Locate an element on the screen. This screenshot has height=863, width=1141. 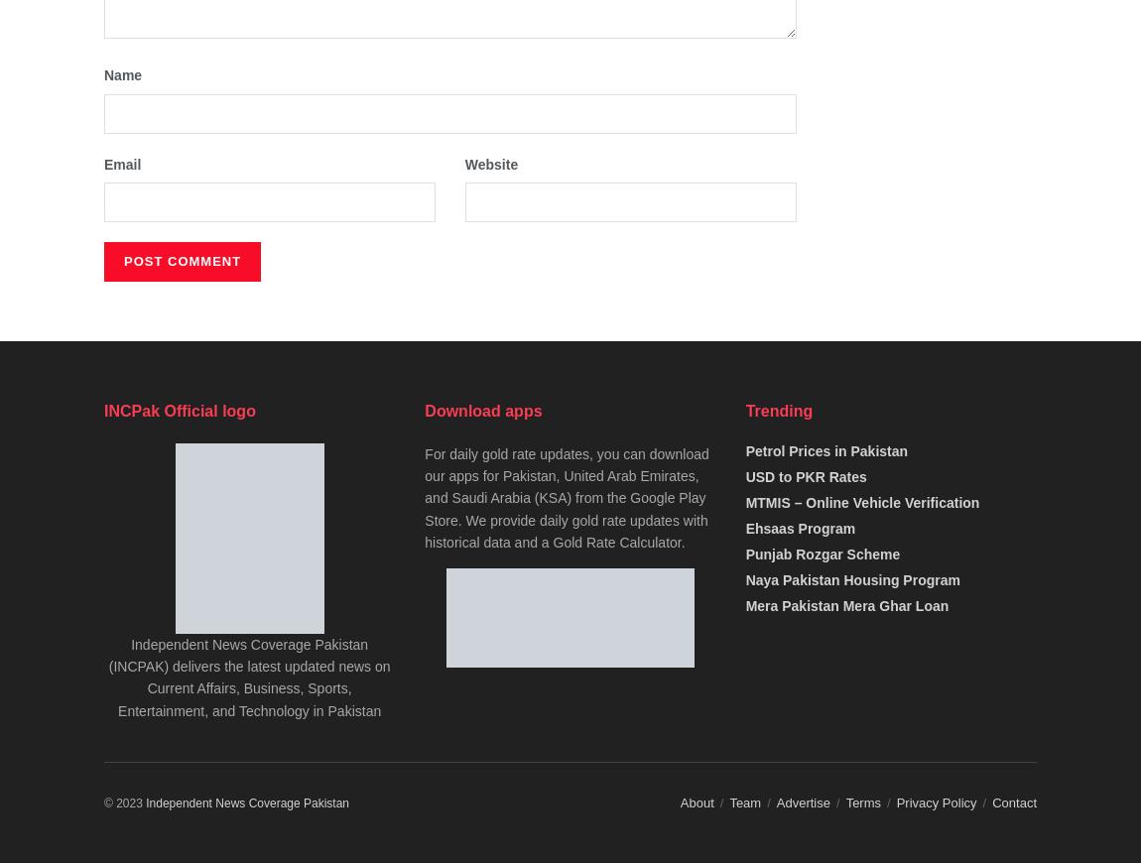
'Website' is located at coordinates (464, 163).